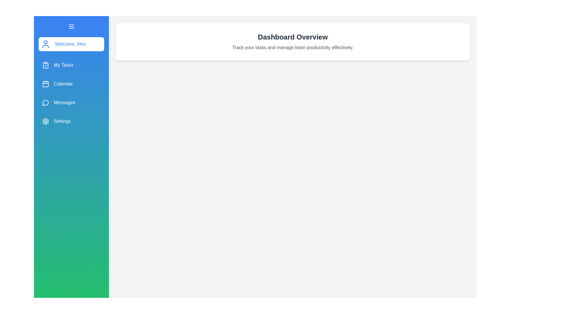  Describe the element at coordinates (71, 44) in the screenshot. I see `the welcome message to interact with it` at that location.